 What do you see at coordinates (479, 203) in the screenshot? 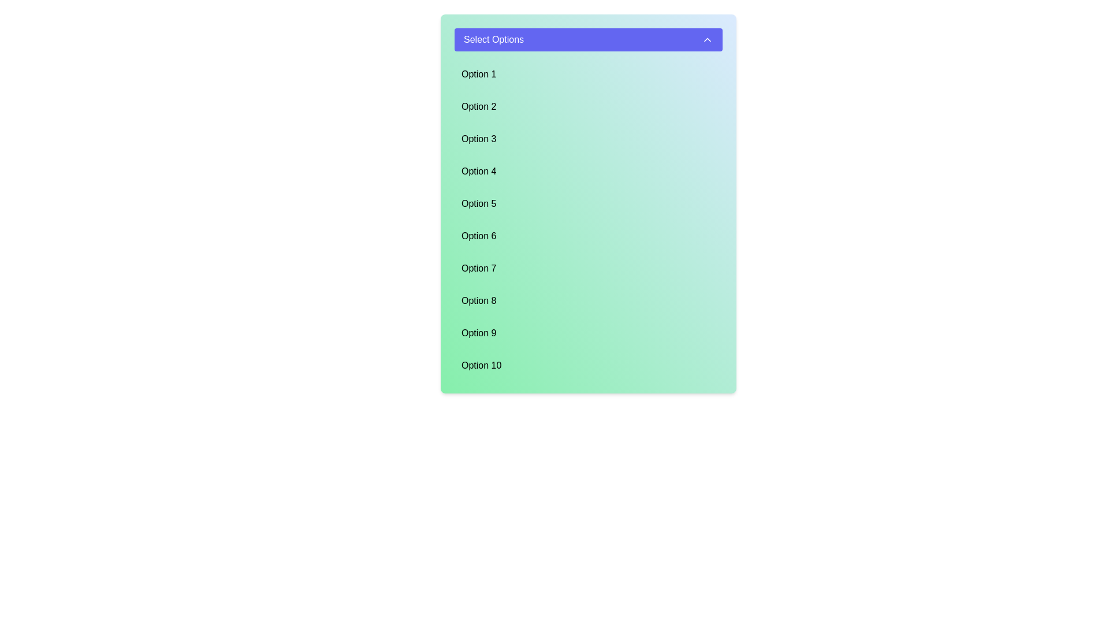
I see `the static text label for 'Option 5' within the dropdown menu located below the header 'Select Options'` at bounding box center [479, 203].